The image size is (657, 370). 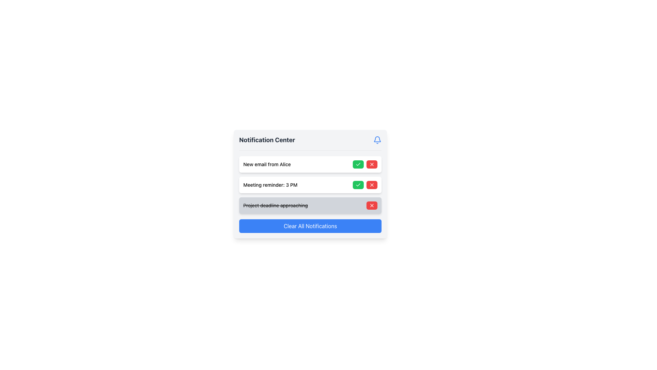 What do you see at coordinates (310, 185) in the screenshot?
I see `the green button in the second notification item in the Notification Center to mark it as completed` at bounding box center [310, 185].